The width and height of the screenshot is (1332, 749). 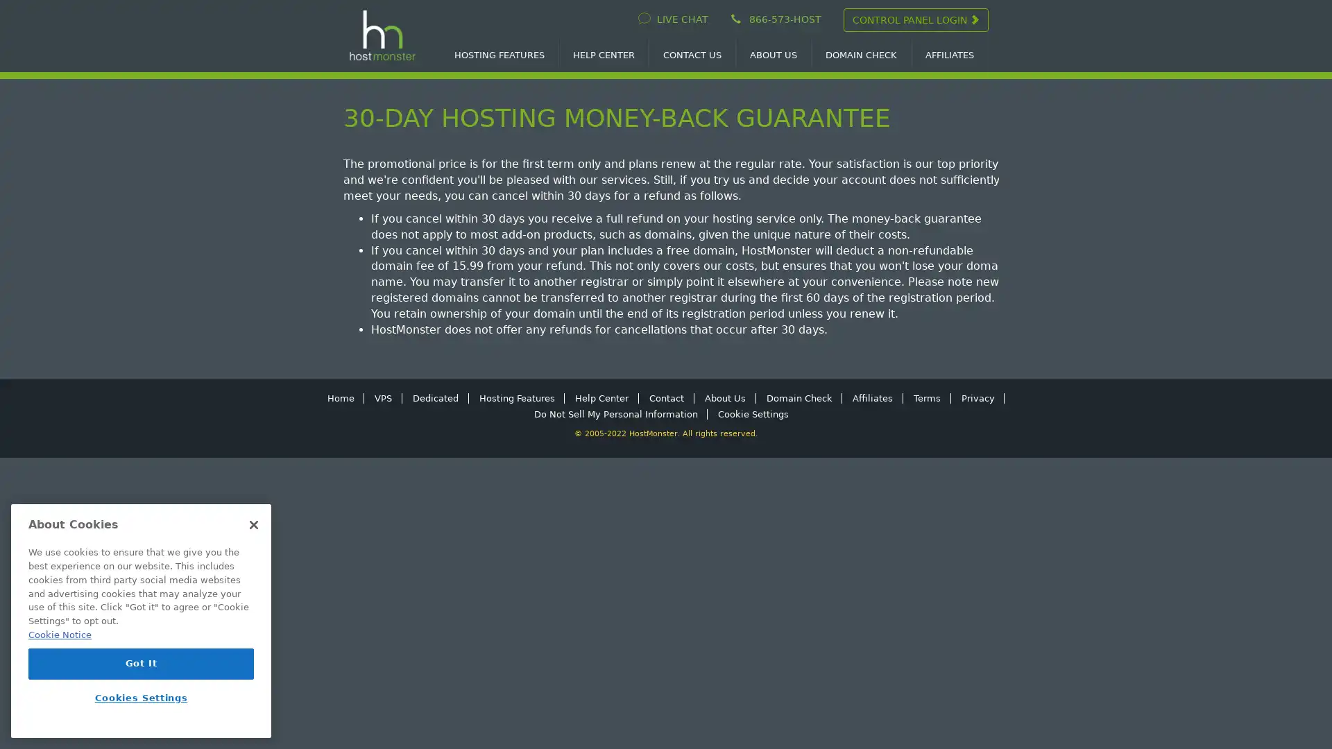 What do you see at coordinates (253, 524) in the screenshot?
I see `Close` at bounding box center [253, 524].